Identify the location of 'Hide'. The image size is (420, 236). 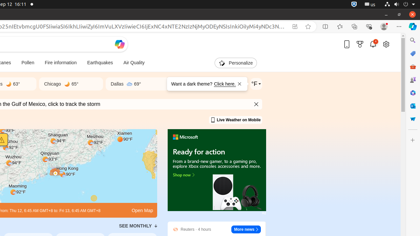
(256, 104).